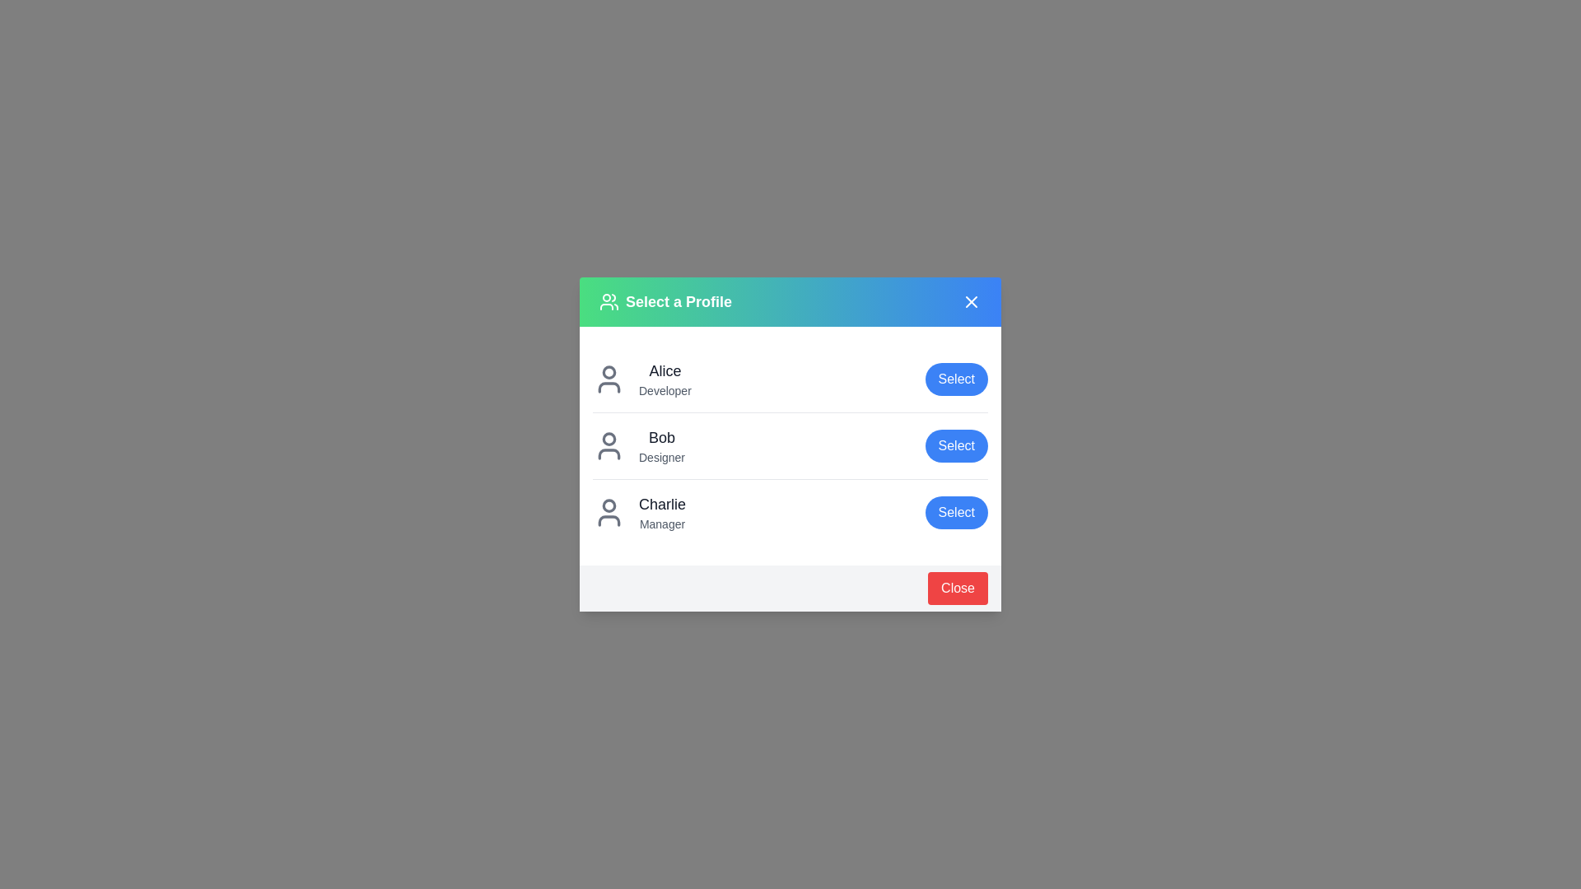  What do you see at coordinates (958, 587) in the screenshot?
I see `close button to hide the dialog` at bounding box center [958, 587].